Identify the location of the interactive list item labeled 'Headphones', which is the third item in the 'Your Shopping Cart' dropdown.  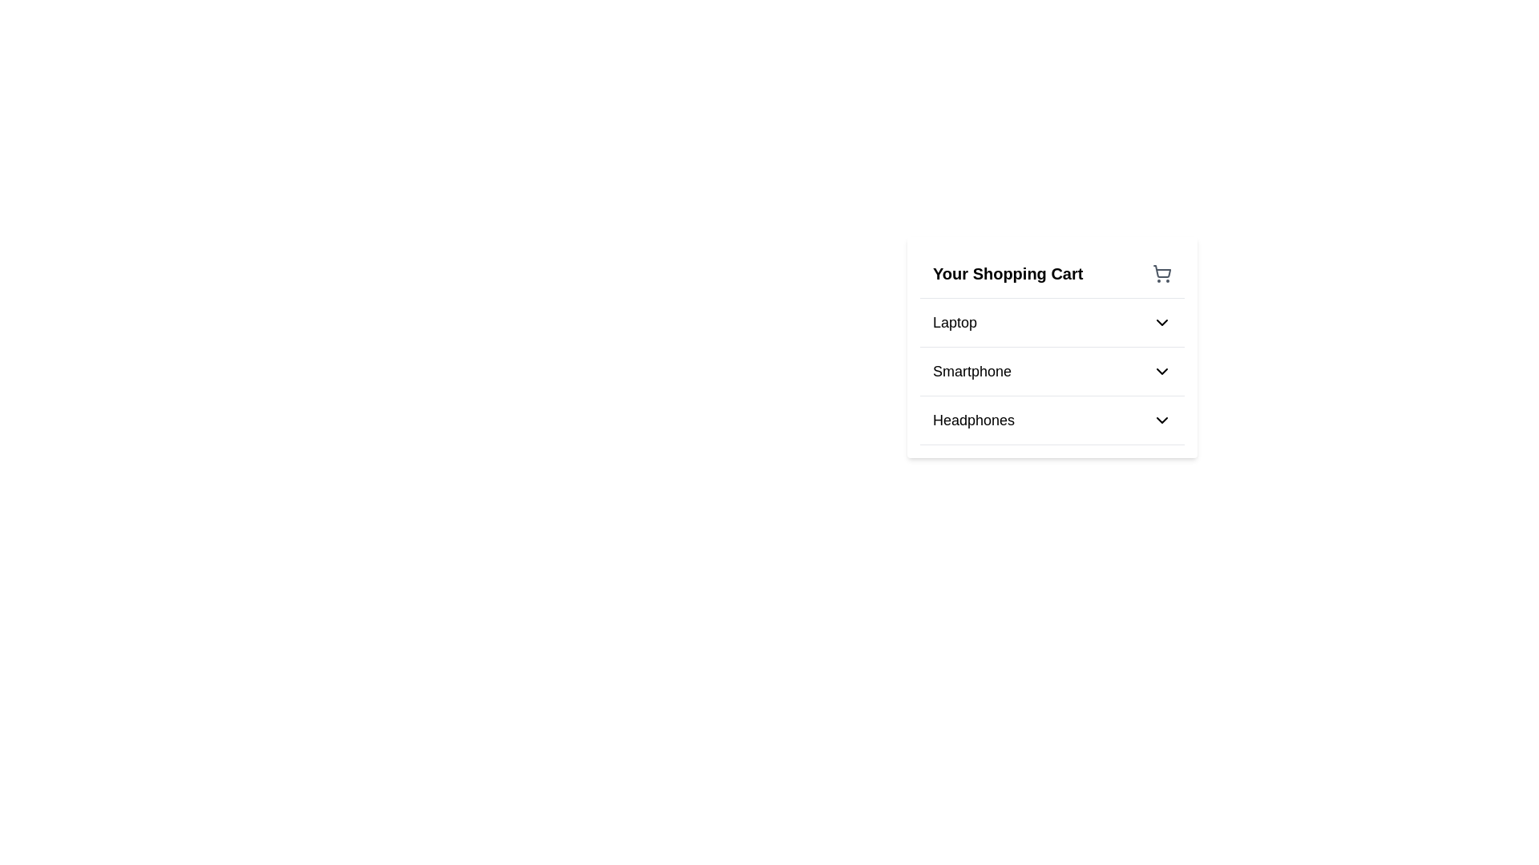
(1052, 419).